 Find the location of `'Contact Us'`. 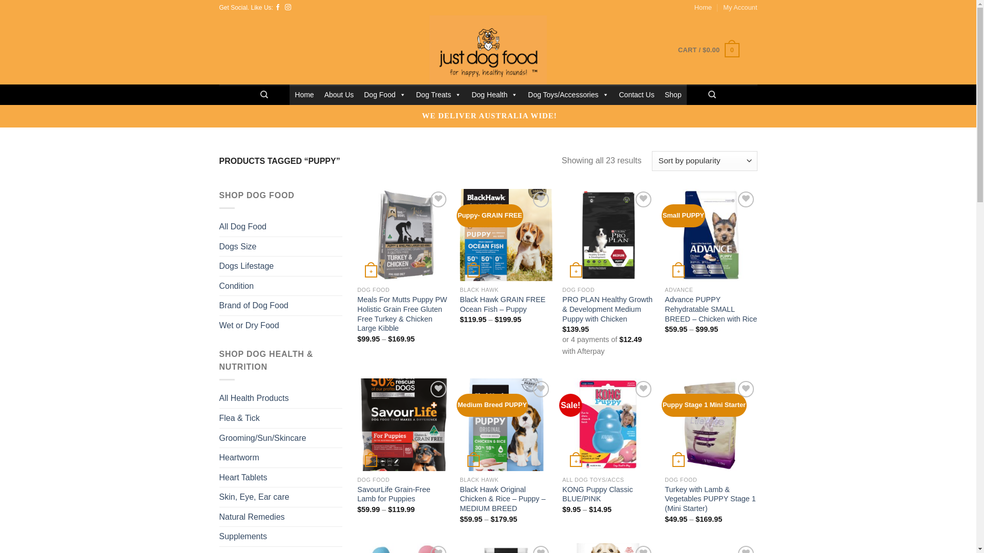

'Contact Us' is located at coordinates (636, 95).